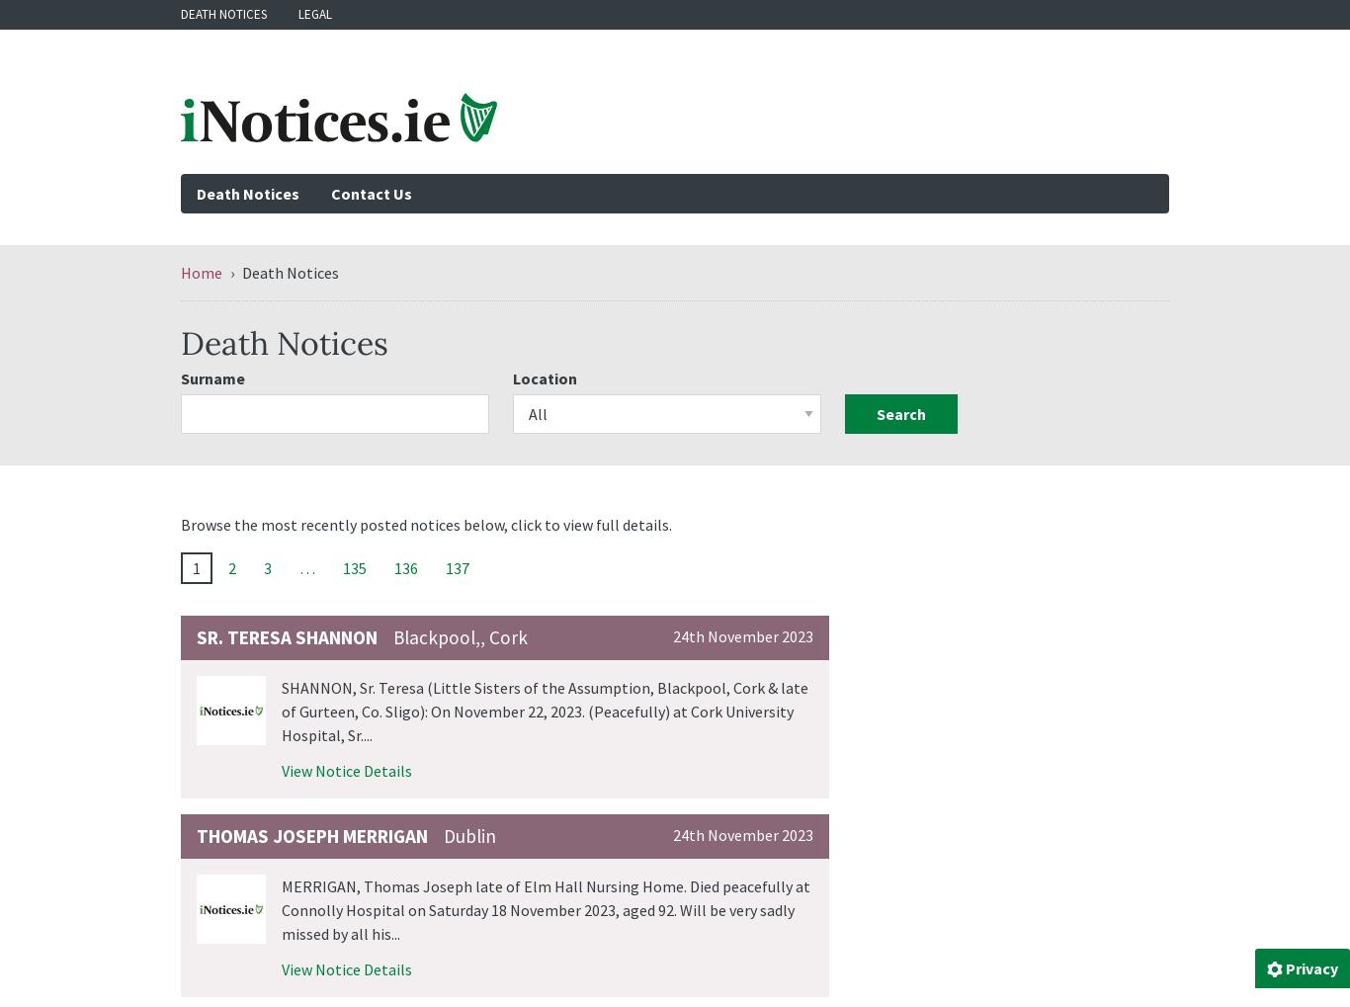  What do you see at coordinates (196, 567) in the screenshot?
I see `'1'` at bounding box center [196, 567].